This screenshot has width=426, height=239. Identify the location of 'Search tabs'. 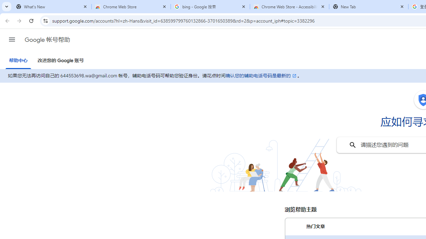
(7, 7).